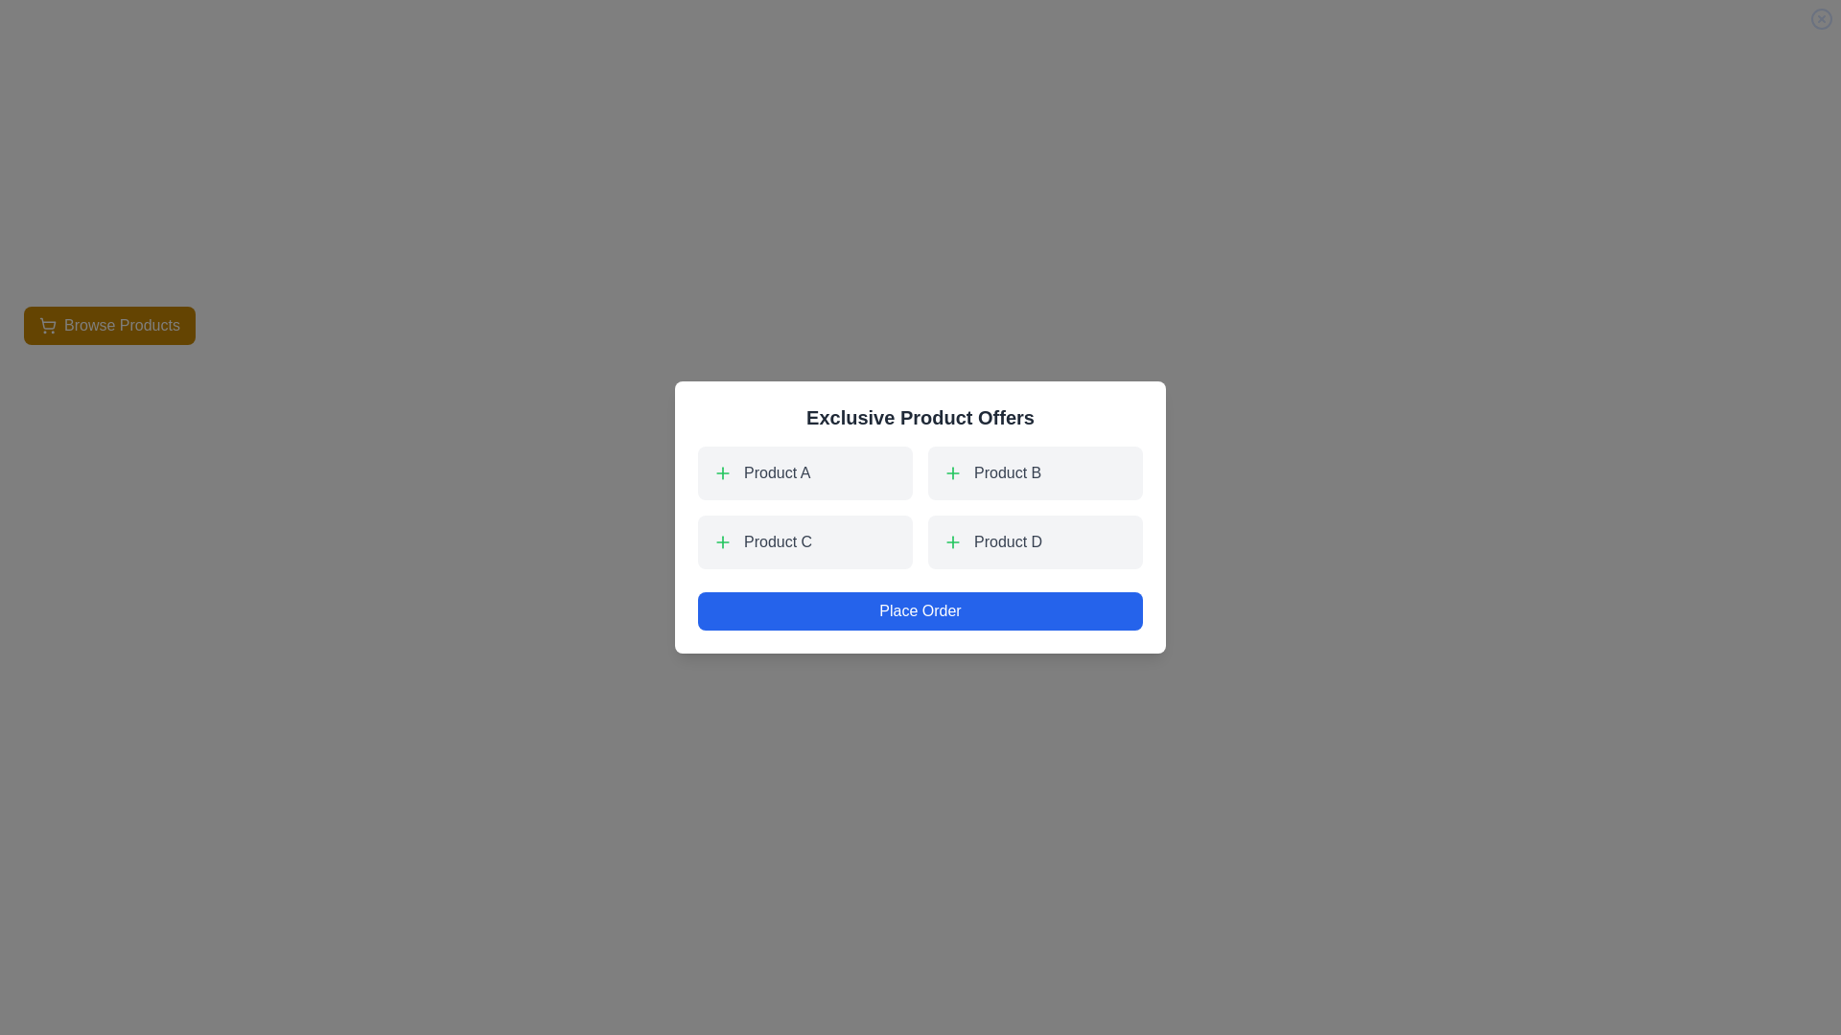 The width and height of the screenshot is (1841, 1035). I want to click on the button labeled 'Product C', which is a rectangular box with a light gray background, rounded corners, and a green plus sign followed by bold black text, so click(805, 542).